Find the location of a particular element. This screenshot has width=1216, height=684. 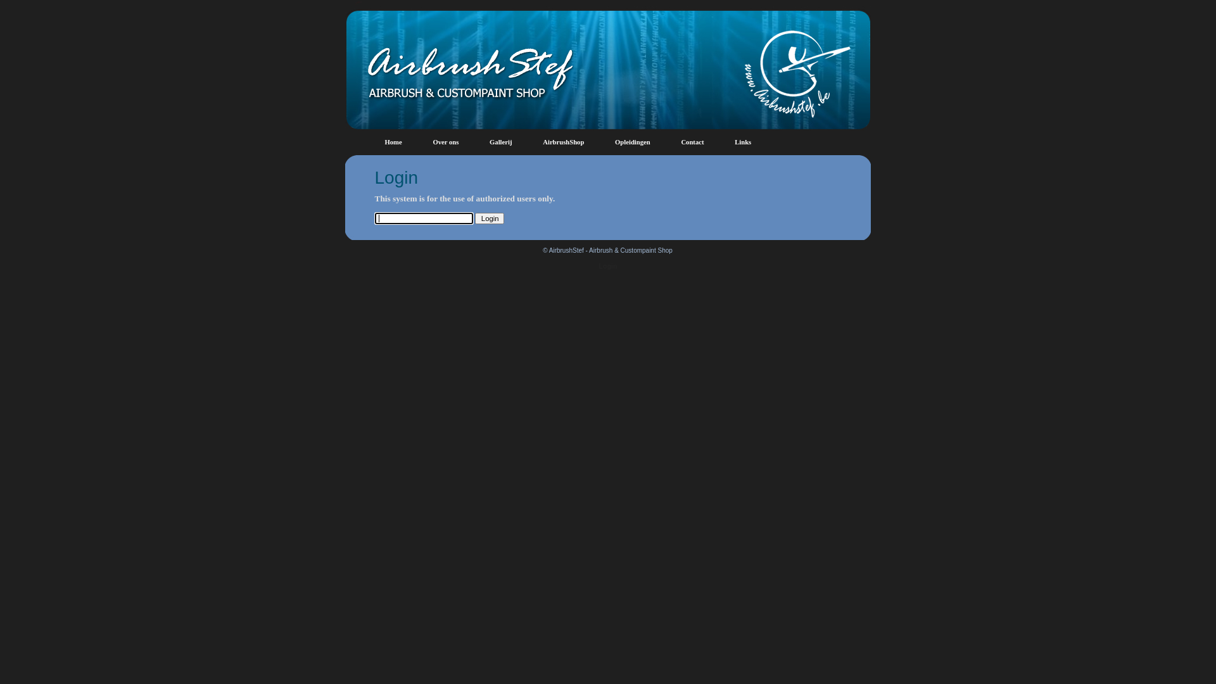

'Login' is located at coordinates (608, 265).